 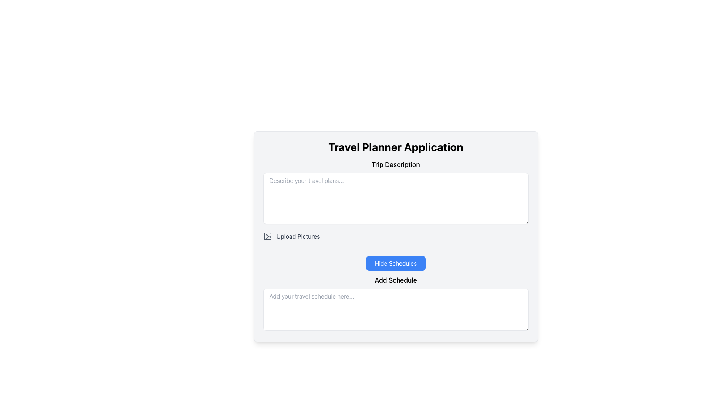 I want to click on the text label associated with the file upload component for uploading images, which is located to the right of a photo frame icon and below the trip description input field, so click(x=298, y=236).